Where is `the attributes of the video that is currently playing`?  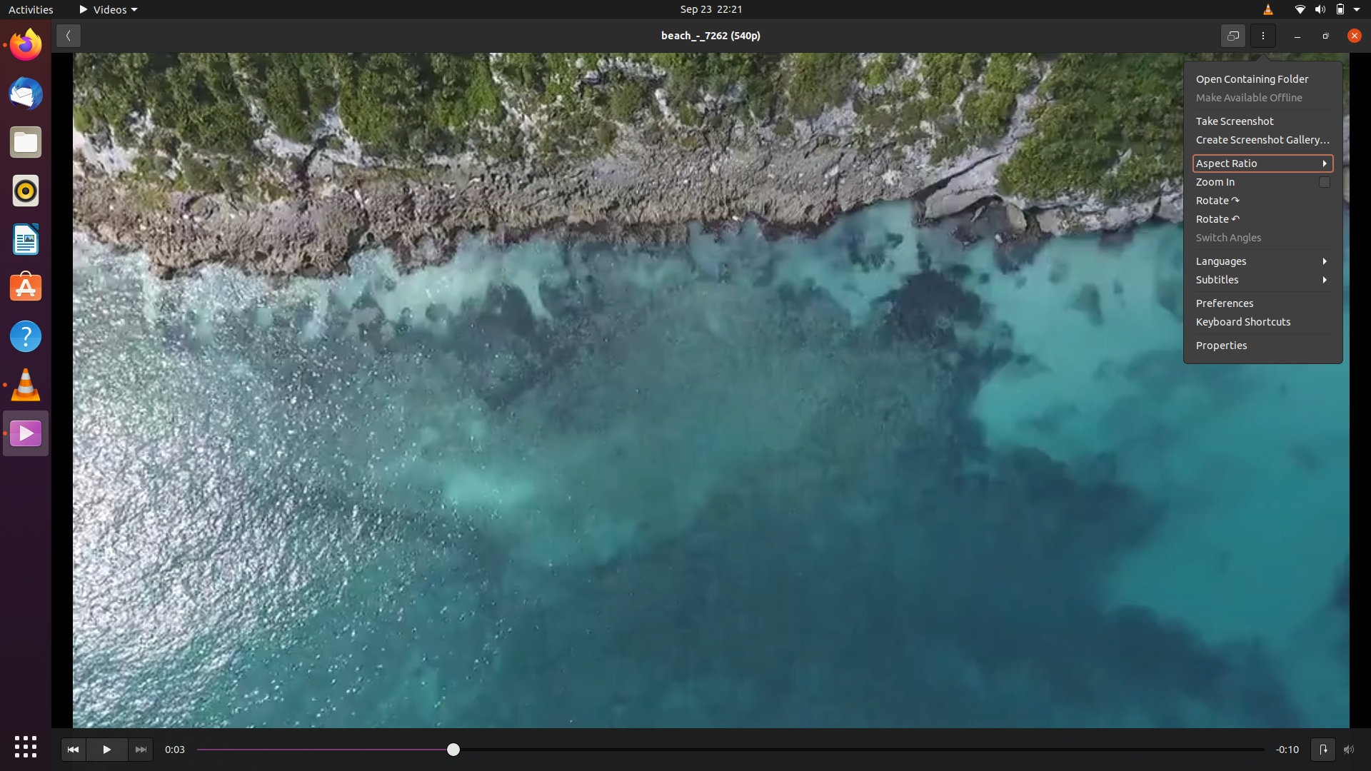
the attributes of the video that is currently playing is located at coordinates (1265, 346).